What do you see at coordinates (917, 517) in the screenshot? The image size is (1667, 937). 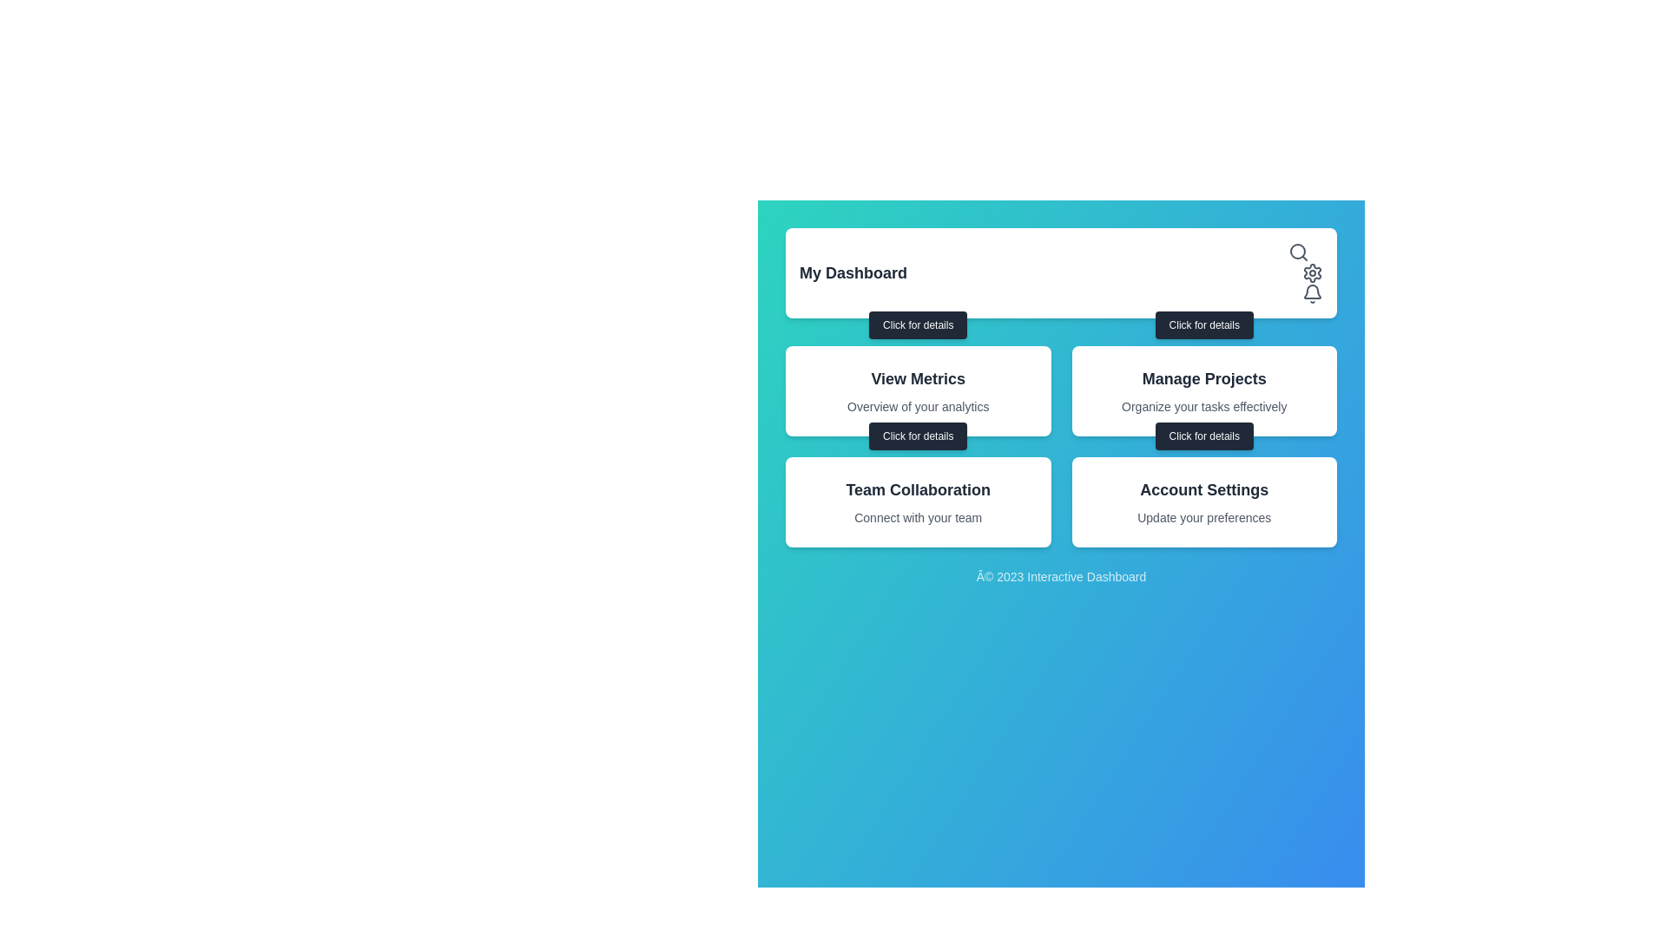 I see `the descriptive subtitle text label located beneath the 'Team Collaboration' title in the bottom-left section of the main grid layout` at bounding box center [917, 517].